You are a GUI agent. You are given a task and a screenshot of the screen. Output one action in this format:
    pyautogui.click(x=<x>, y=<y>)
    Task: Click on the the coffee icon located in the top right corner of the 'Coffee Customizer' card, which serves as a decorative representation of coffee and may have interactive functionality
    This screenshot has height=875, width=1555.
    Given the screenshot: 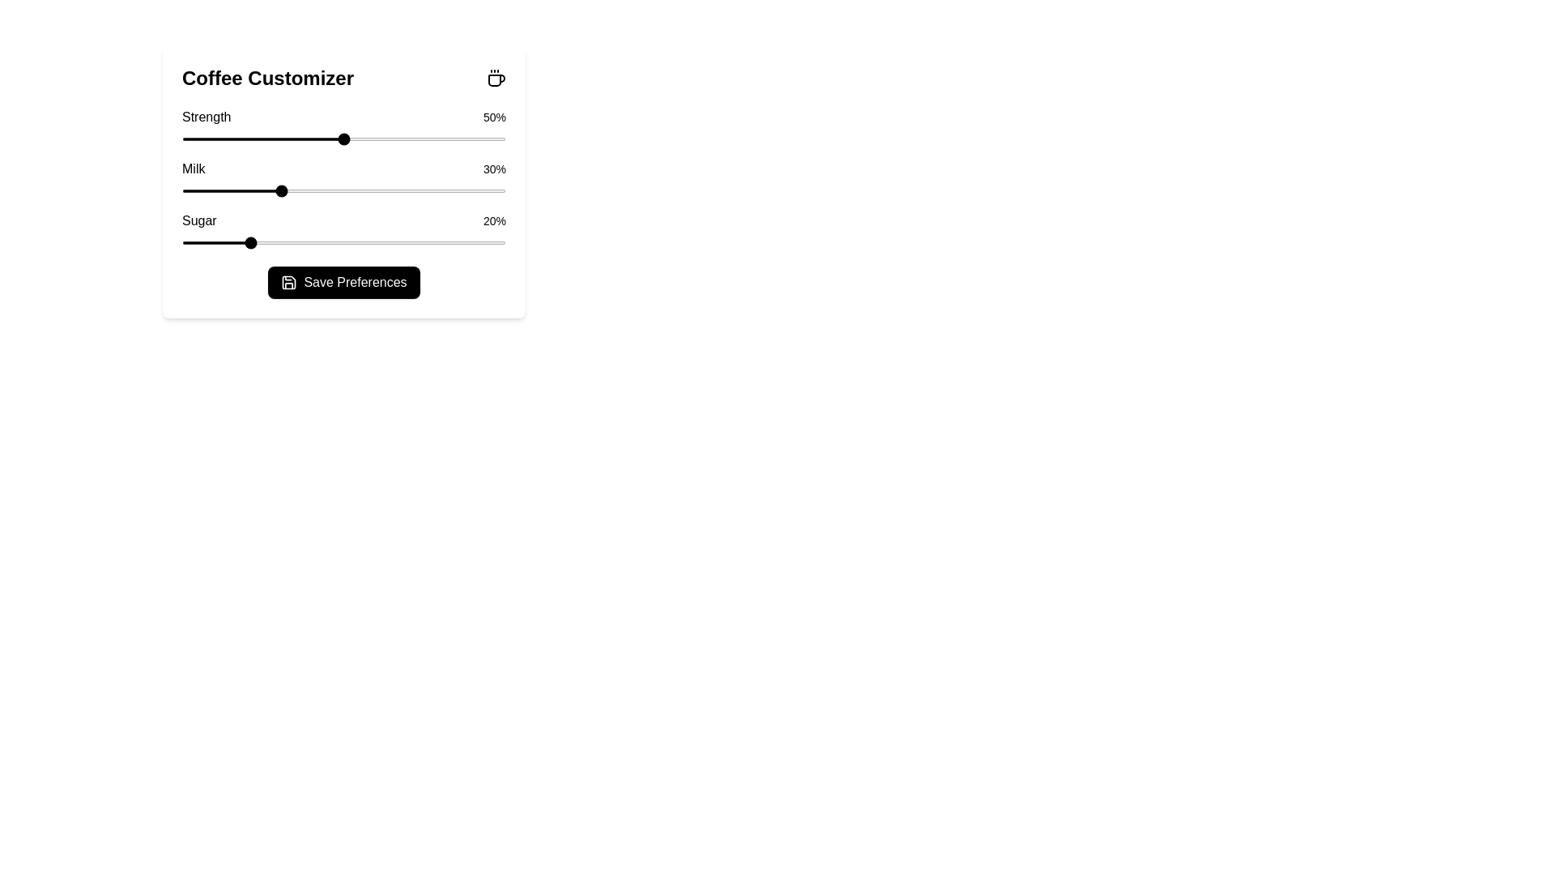 What is the action you would take?
    pyautogui.click(x=496, y=80)
    